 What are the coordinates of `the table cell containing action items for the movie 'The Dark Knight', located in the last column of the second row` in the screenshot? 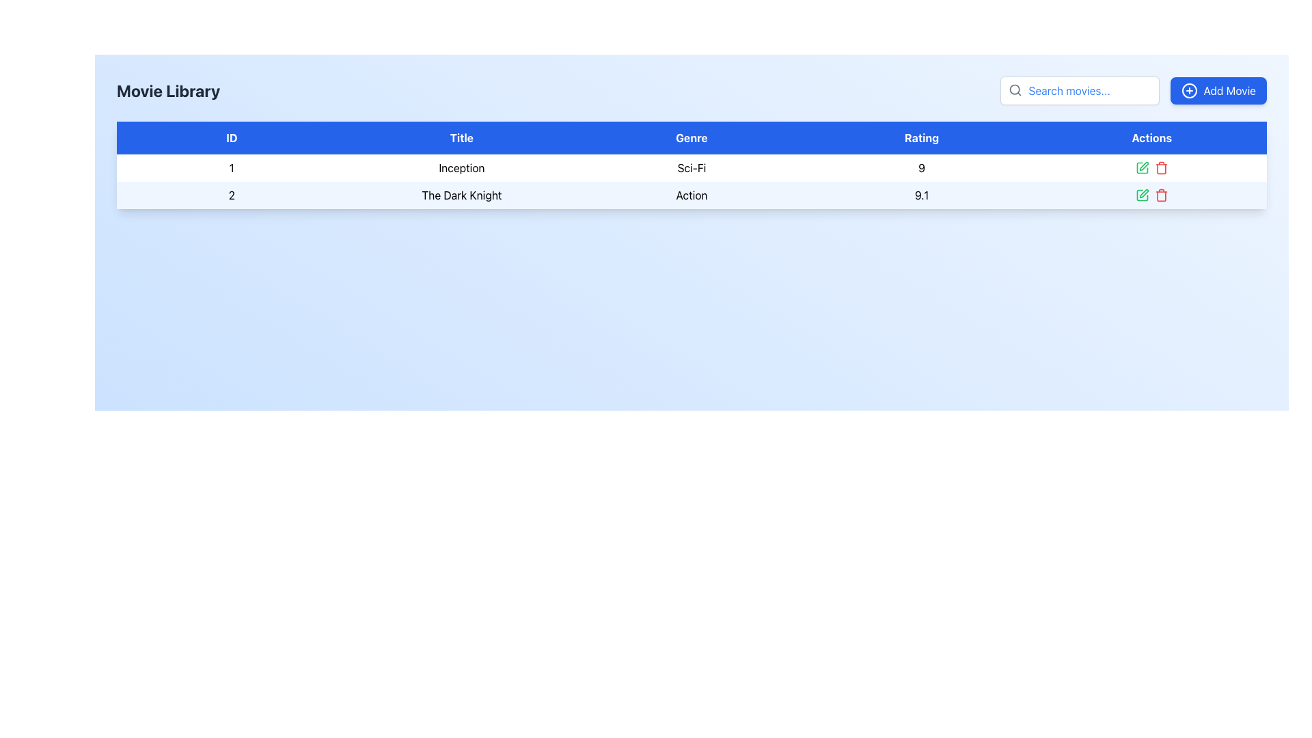 It's located at (1151, 195).